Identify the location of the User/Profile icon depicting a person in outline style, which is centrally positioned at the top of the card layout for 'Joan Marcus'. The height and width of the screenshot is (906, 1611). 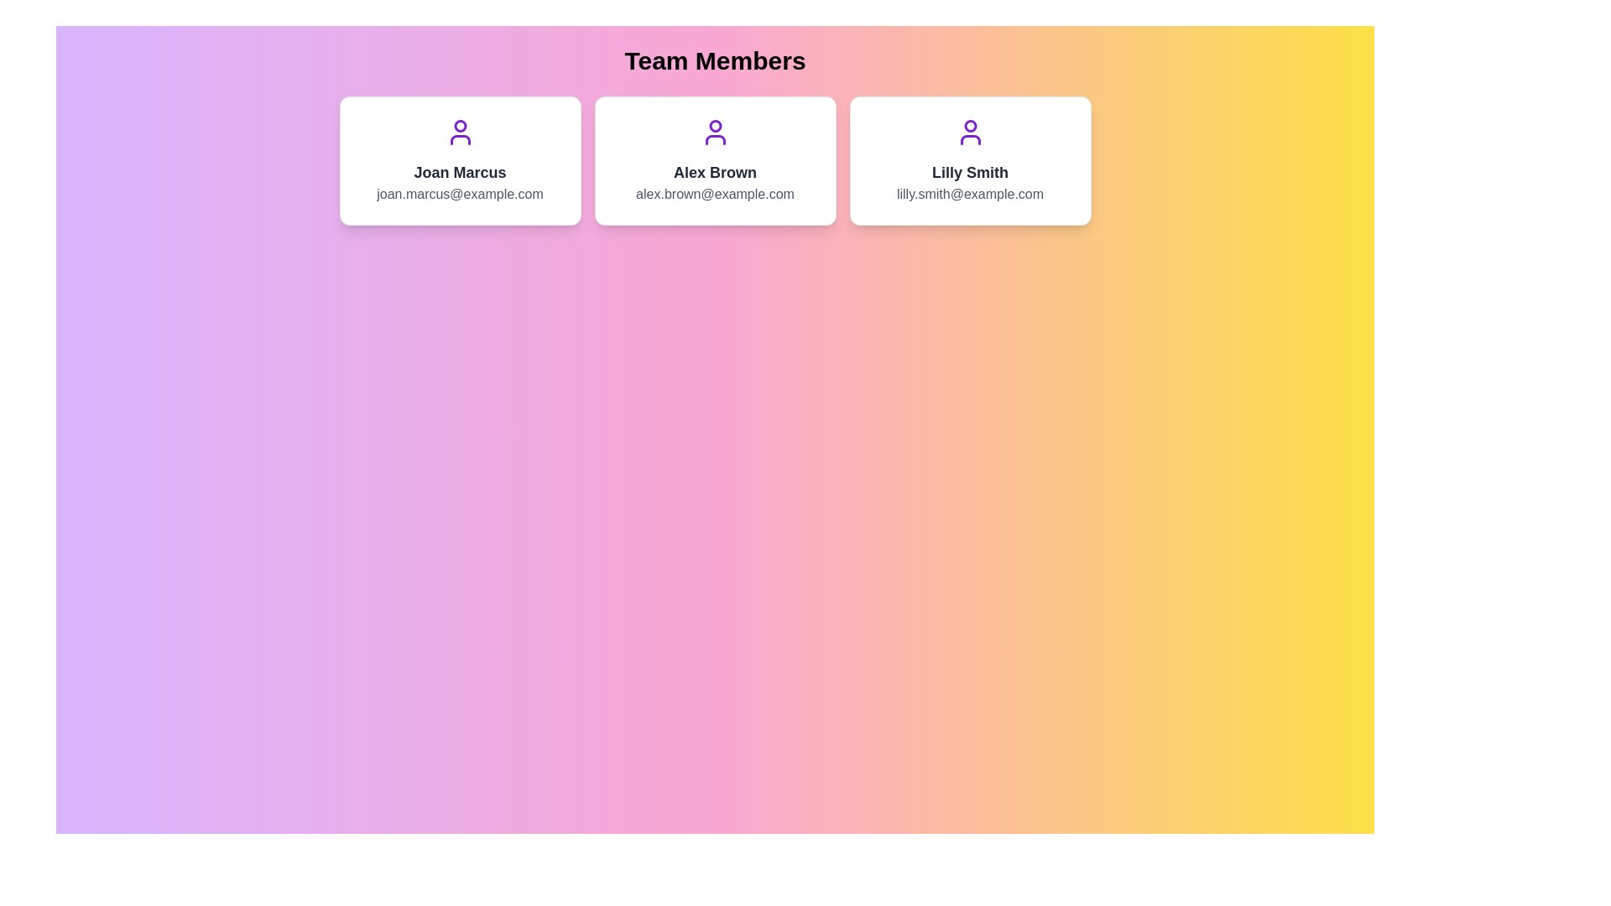
(460, 132).